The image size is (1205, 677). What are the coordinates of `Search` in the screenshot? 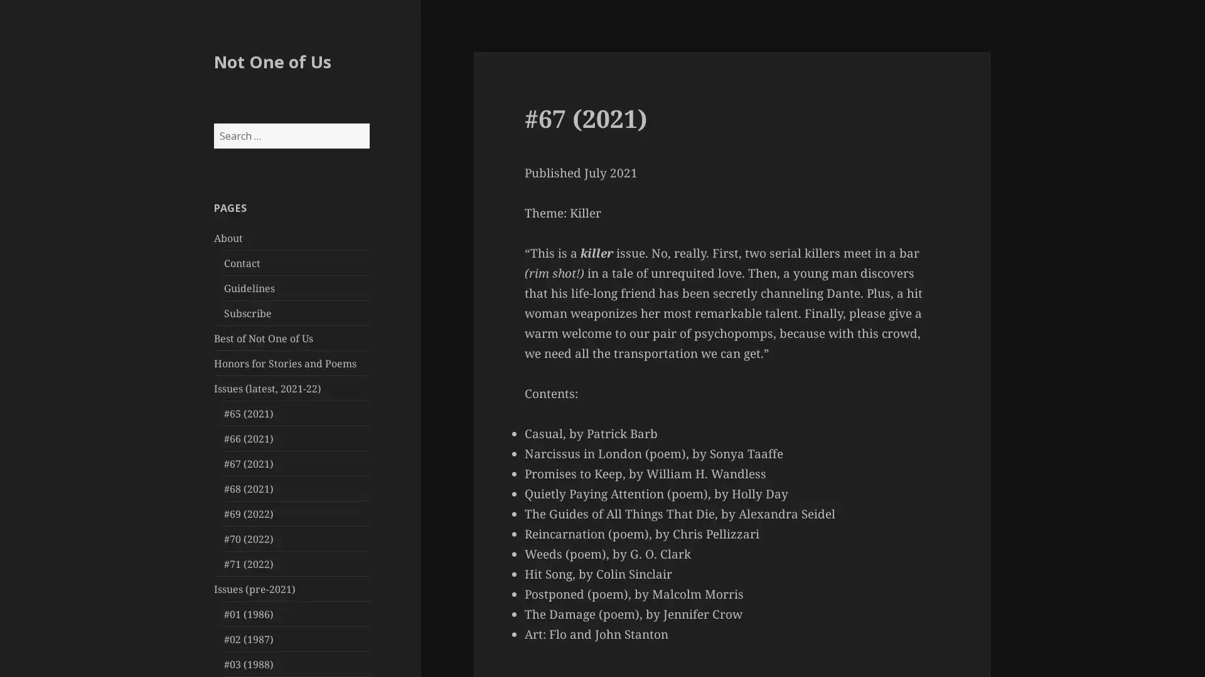 It's located at (368, 123).